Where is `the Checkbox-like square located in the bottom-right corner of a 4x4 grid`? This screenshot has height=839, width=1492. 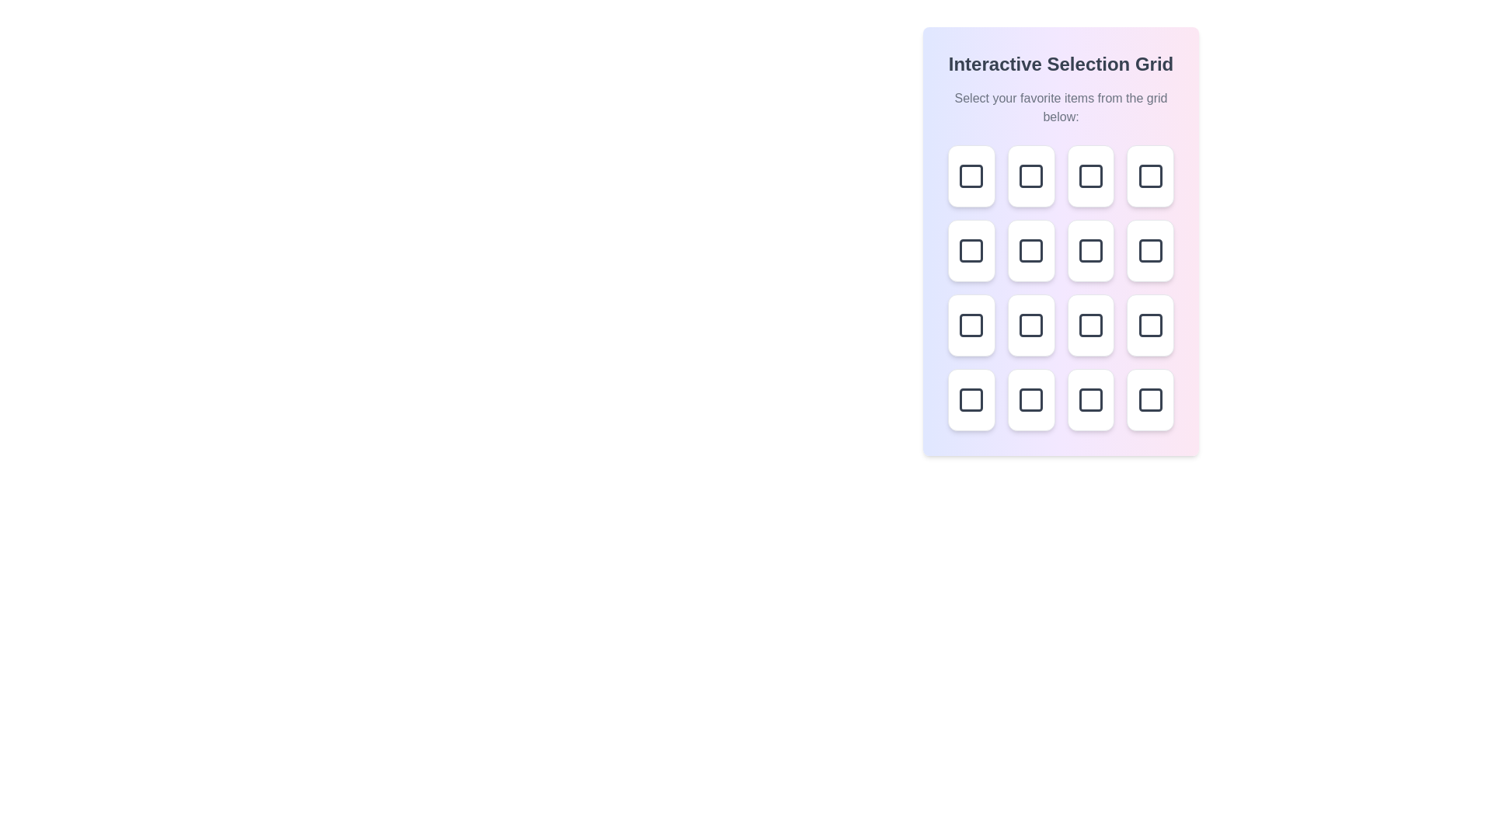 the Checkbox-like square located in the bottom-right corner of a 4x4 grid is located at coordinates (1150, 399).